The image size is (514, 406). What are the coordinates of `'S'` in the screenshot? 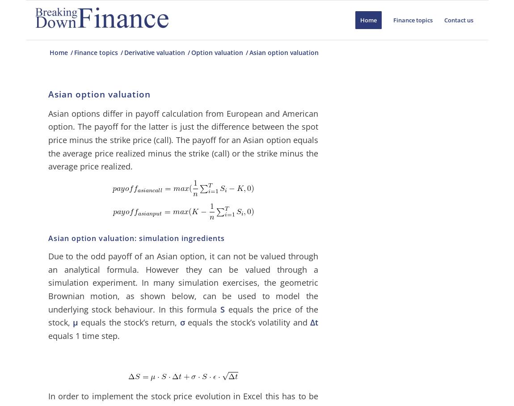 It's located at (222, 308).